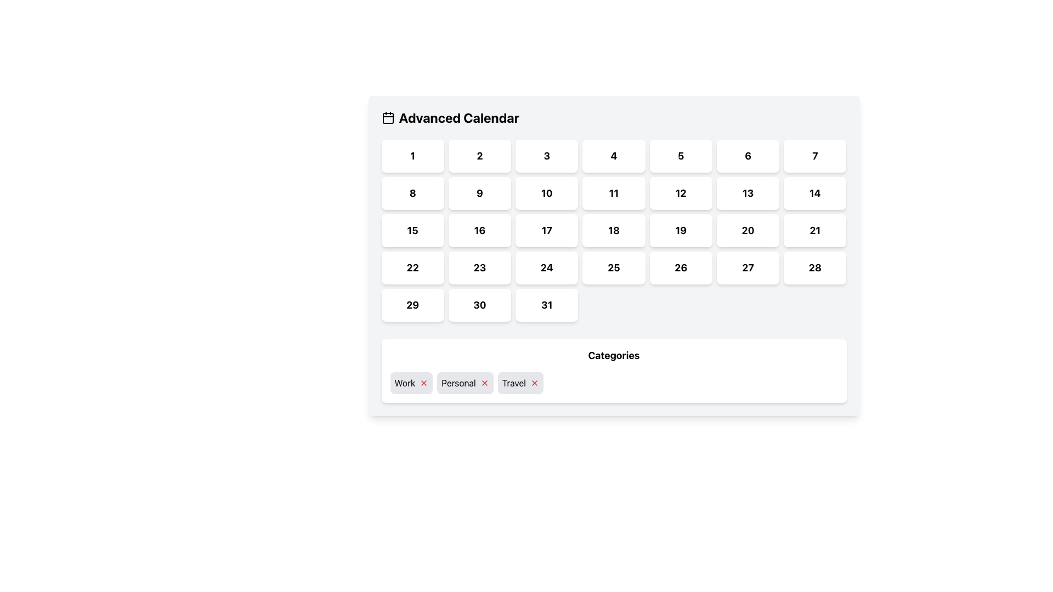 The width and height of the screenshot is (1053, 592). What do you see at coordinates (520, 382) in the screenshot?
I see `the 'Travel' tag with a removable option to prepare for its removal` at bounding box center [520, 382].